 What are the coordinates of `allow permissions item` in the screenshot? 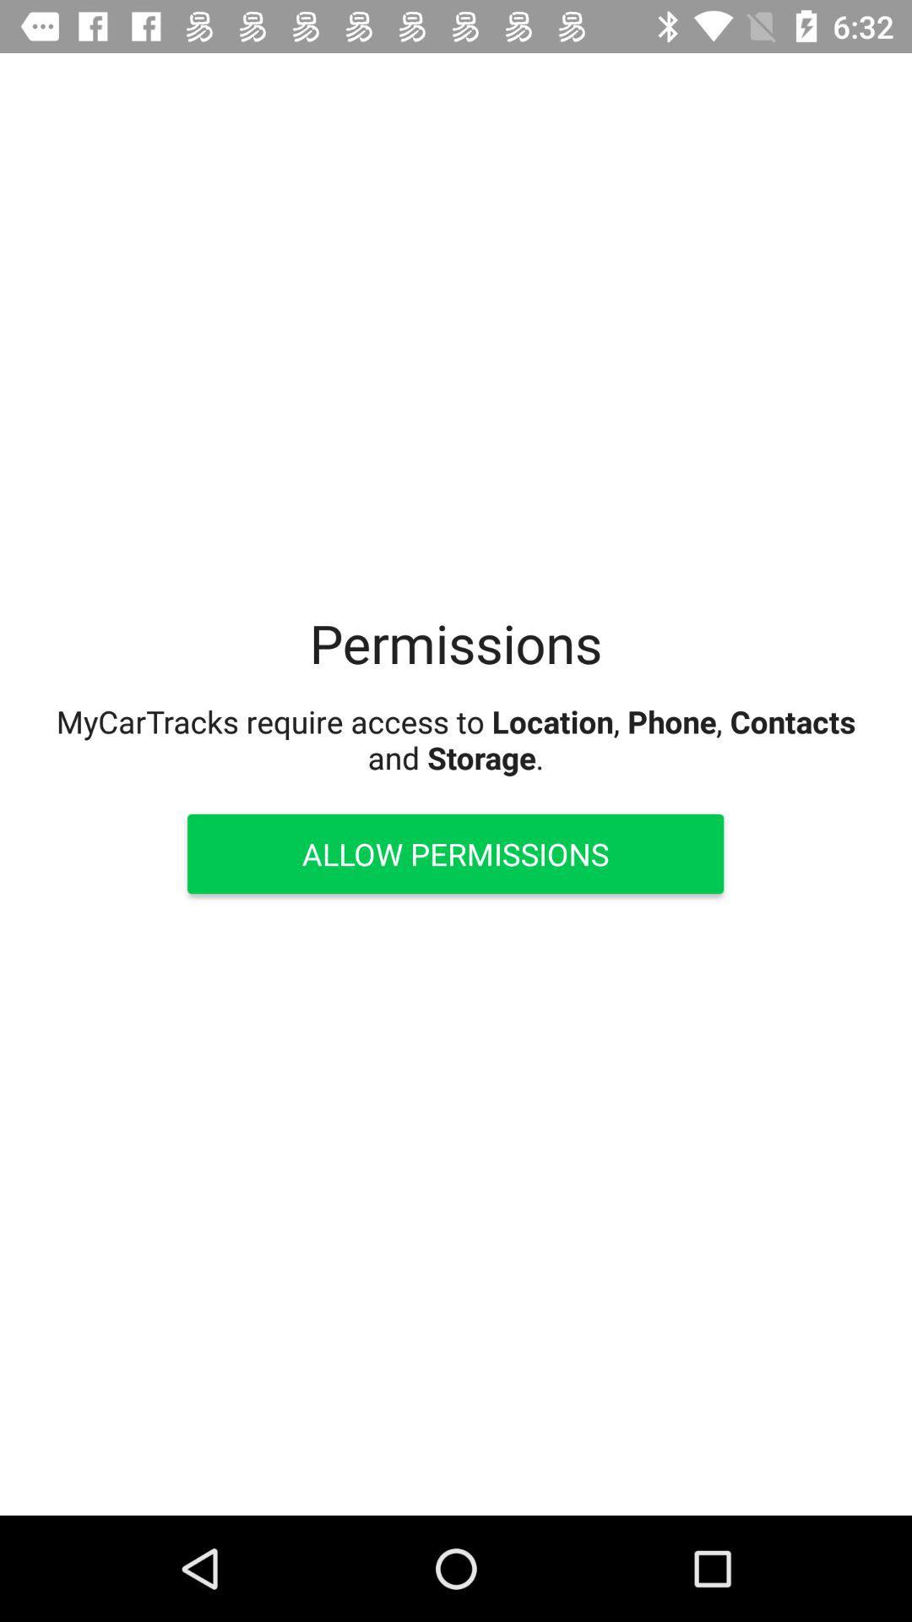 It's located at (454, 854).